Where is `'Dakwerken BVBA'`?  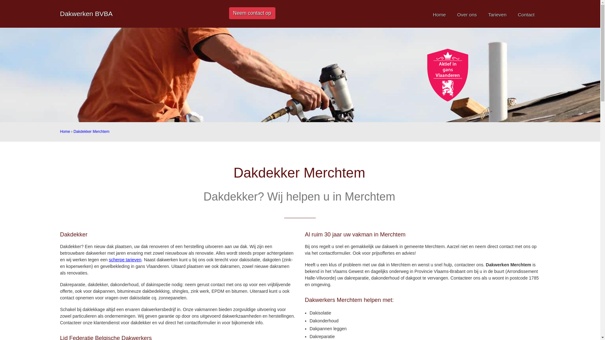 'Dakwerken BVBA' is located at coordinates (86, 14).